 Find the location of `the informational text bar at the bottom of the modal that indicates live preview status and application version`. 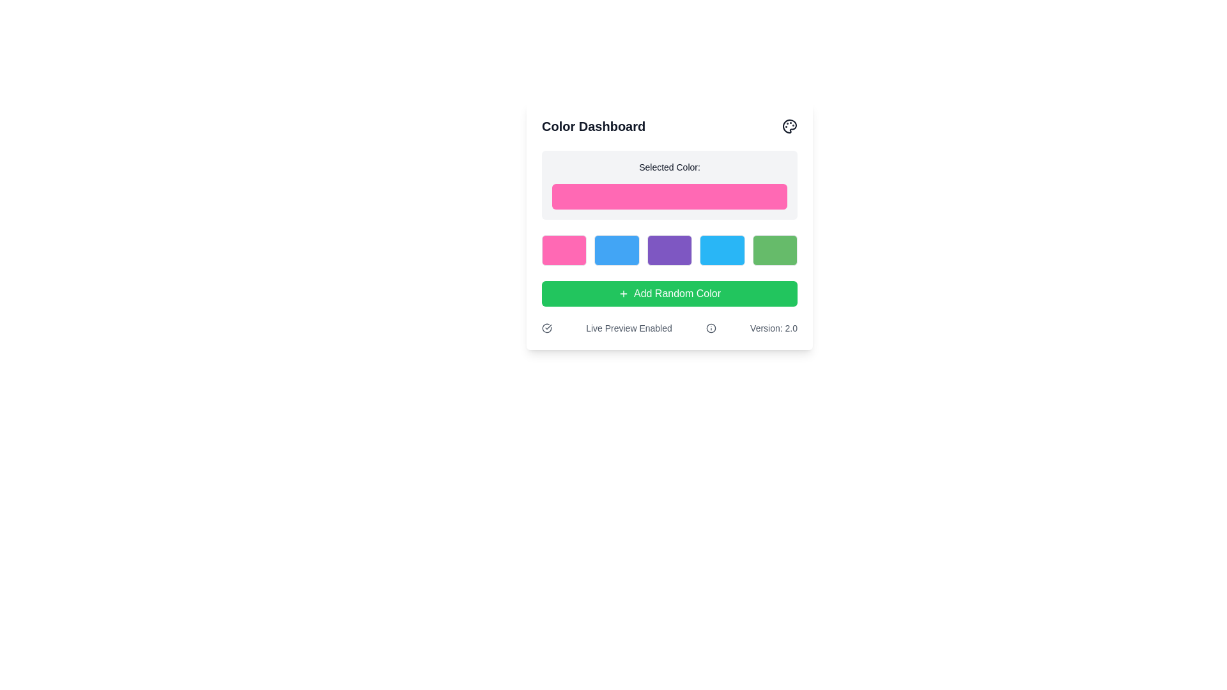

the informational text bar at the bottom of the modal that indicates live preview status and application version is located at coordinates (668, 327).